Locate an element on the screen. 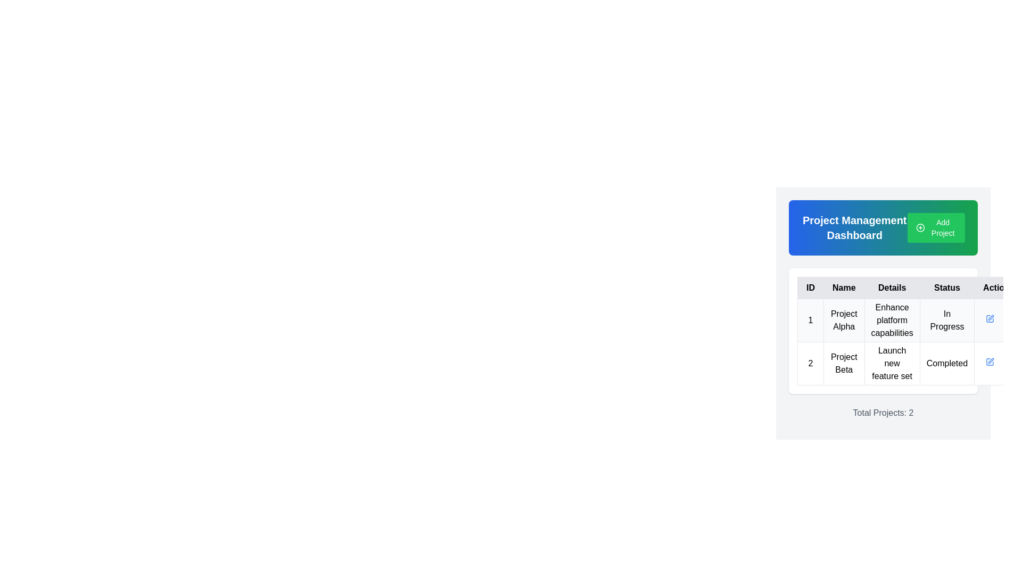  the interactive pencil icon in the Action column of the second row in the project information table to change its color is located at coordinates (990, 318).